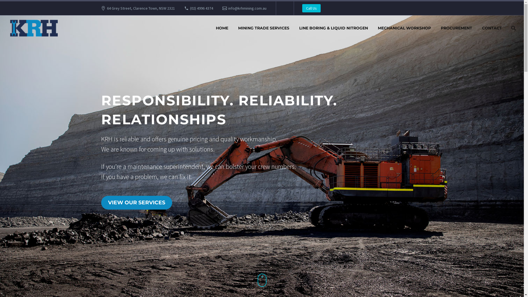 This screenshot has height=297, width=528. I want to click on '(02) 4996 4374', so click(201, 8).